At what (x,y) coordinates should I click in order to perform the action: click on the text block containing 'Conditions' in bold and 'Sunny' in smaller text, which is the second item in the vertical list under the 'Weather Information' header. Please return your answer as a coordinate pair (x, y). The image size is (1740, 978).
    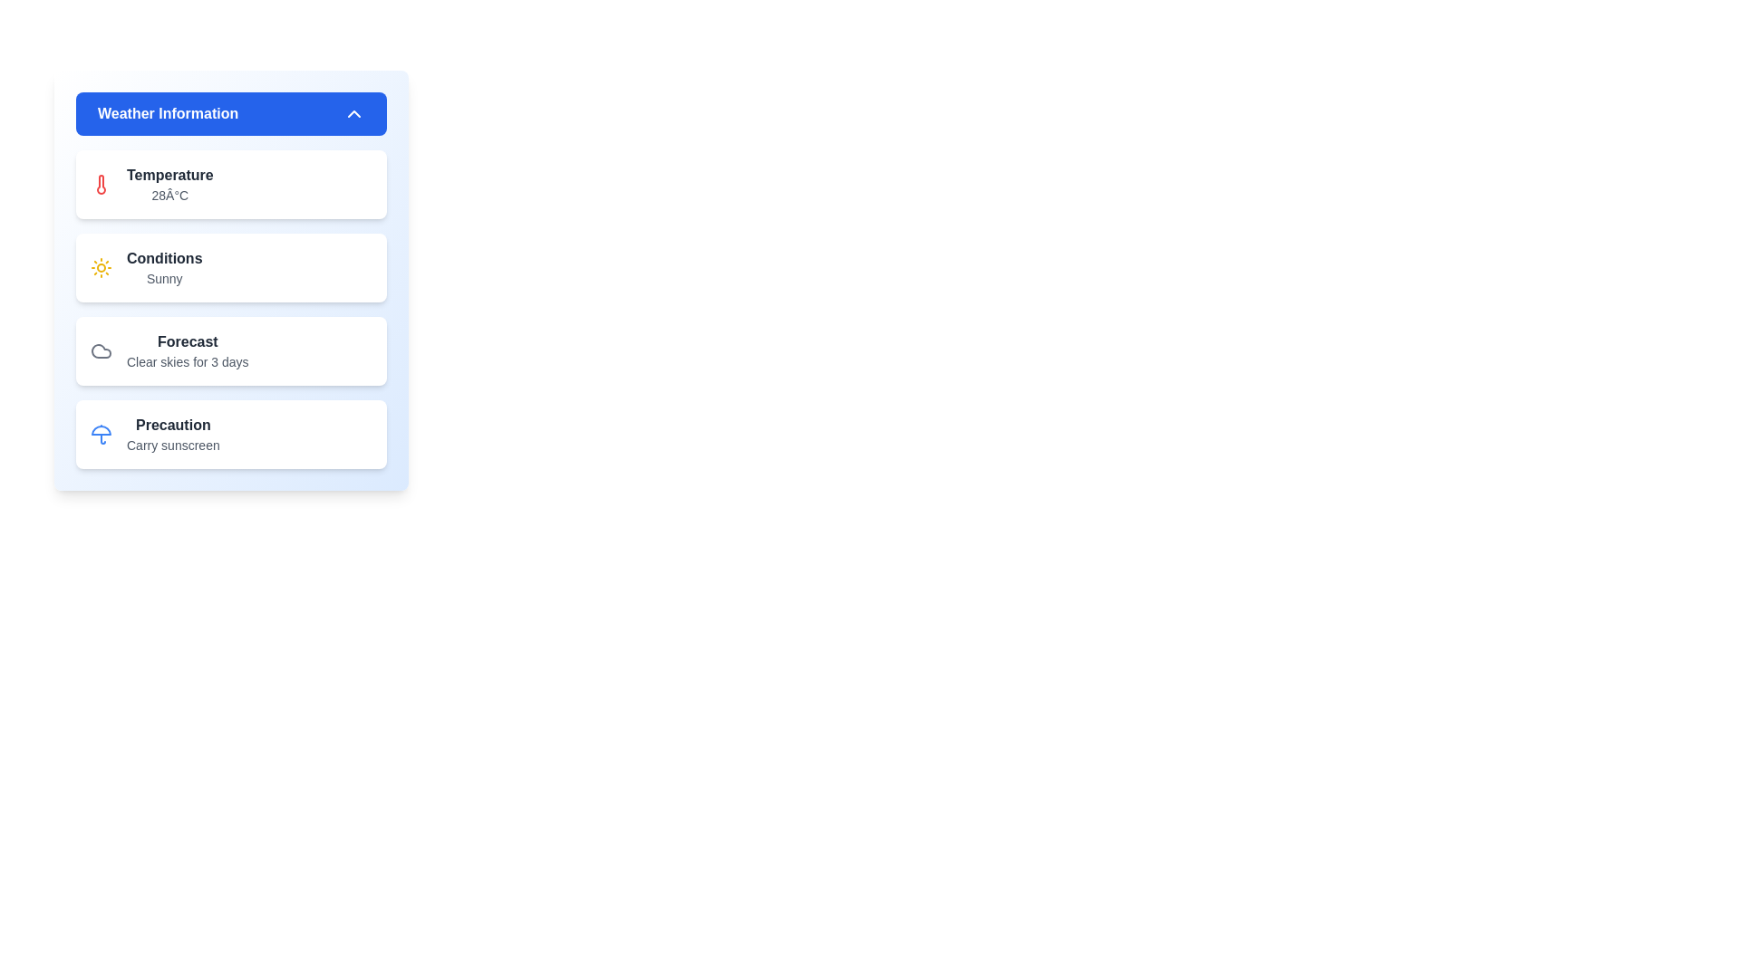
    Looking at the image, I should click on (164, 268).